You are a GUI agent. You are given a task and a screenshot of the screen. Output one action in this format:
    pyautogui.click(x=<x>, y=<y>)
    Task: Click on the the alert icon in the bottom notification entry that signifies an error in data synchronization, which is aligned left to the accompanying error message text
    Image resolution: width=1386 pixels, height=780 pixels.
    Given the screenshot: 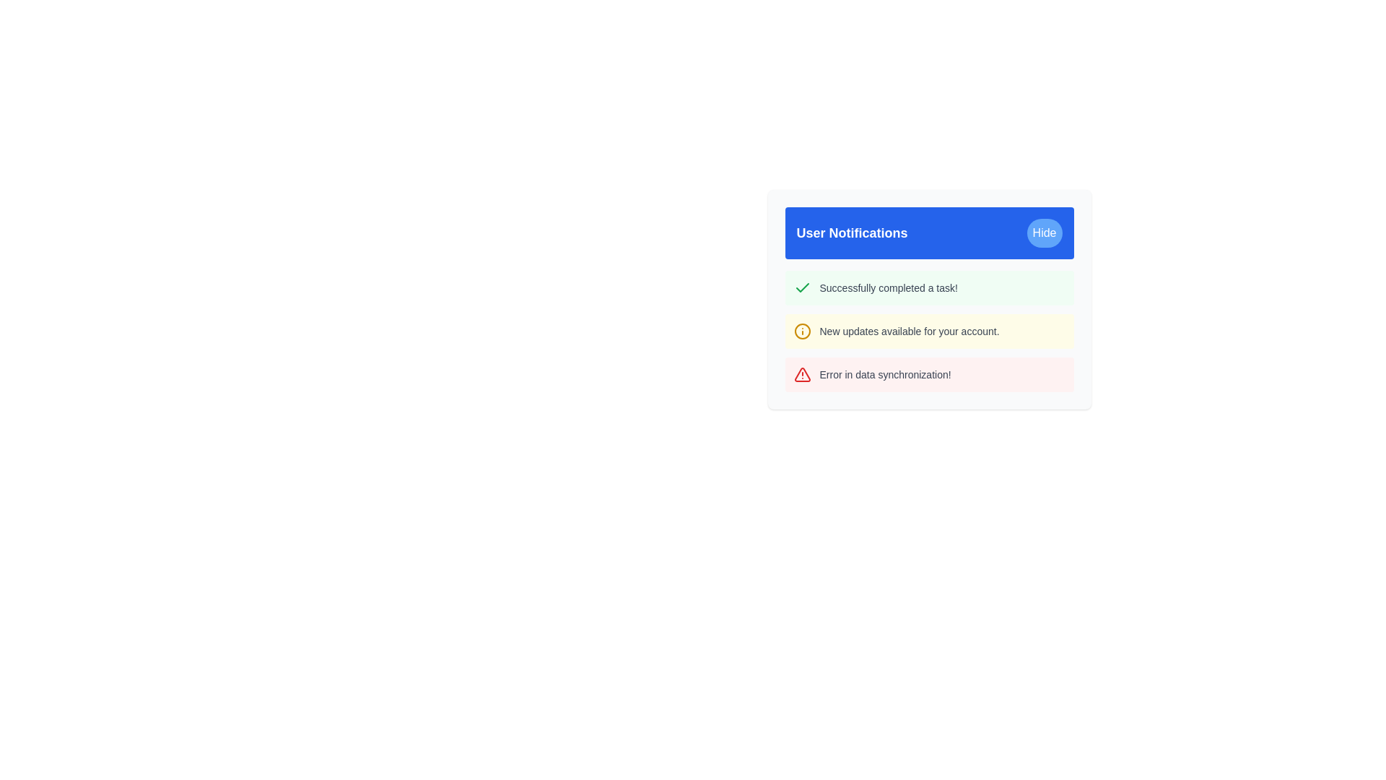 What is the action you would take?
    pyautogui.click(x=801, y=373)
    